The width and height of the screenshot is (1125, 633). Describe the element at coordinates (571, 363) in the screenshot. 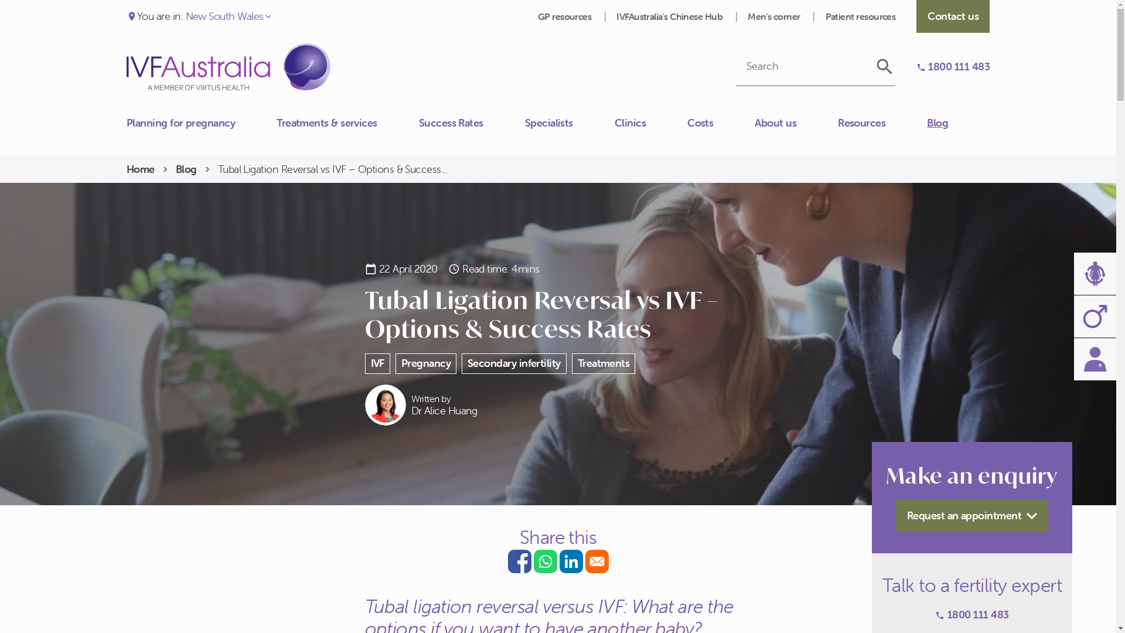

I see `'Treatments'` at that location.